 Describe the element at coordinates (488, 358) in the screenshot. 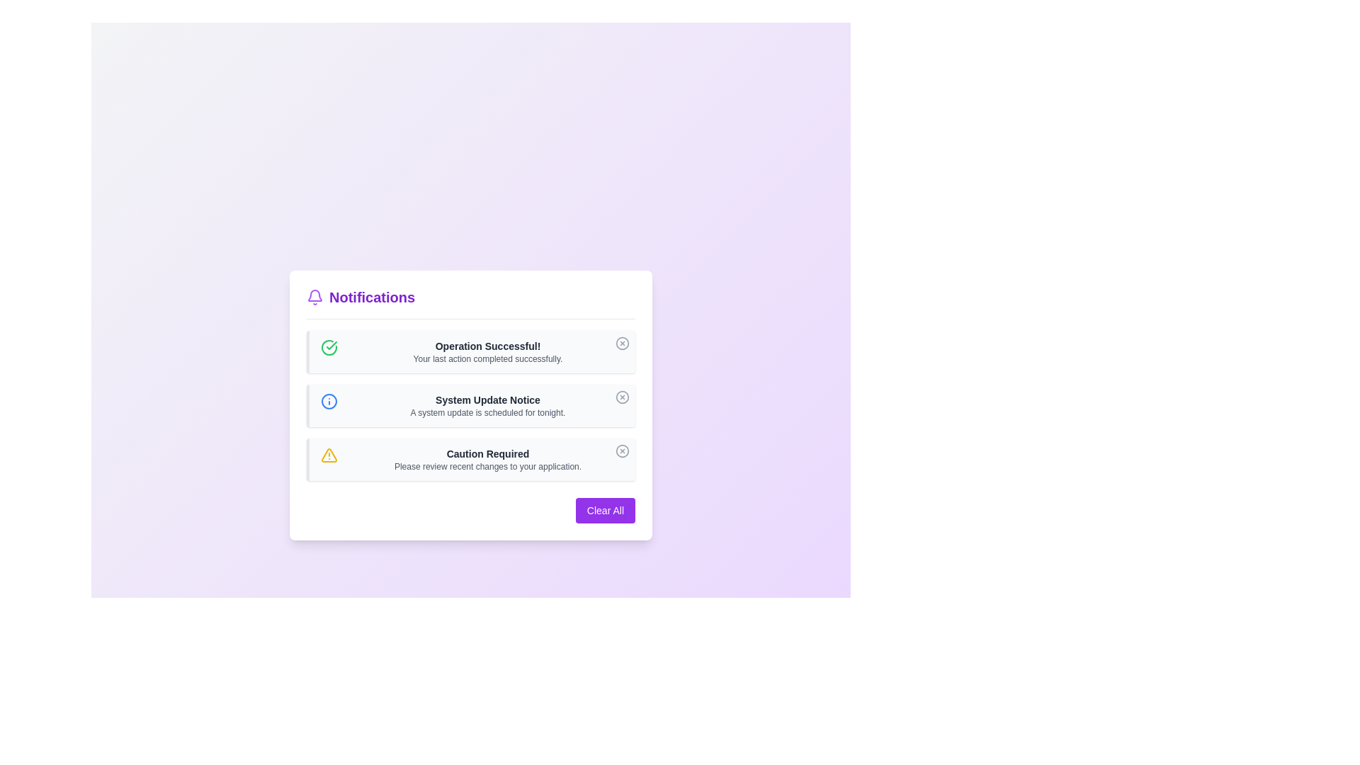

I see `message in the text label stating 'Your last action completed successfully.' which is located below the heading 'Operation Successful!' in the first notification card` at that location.